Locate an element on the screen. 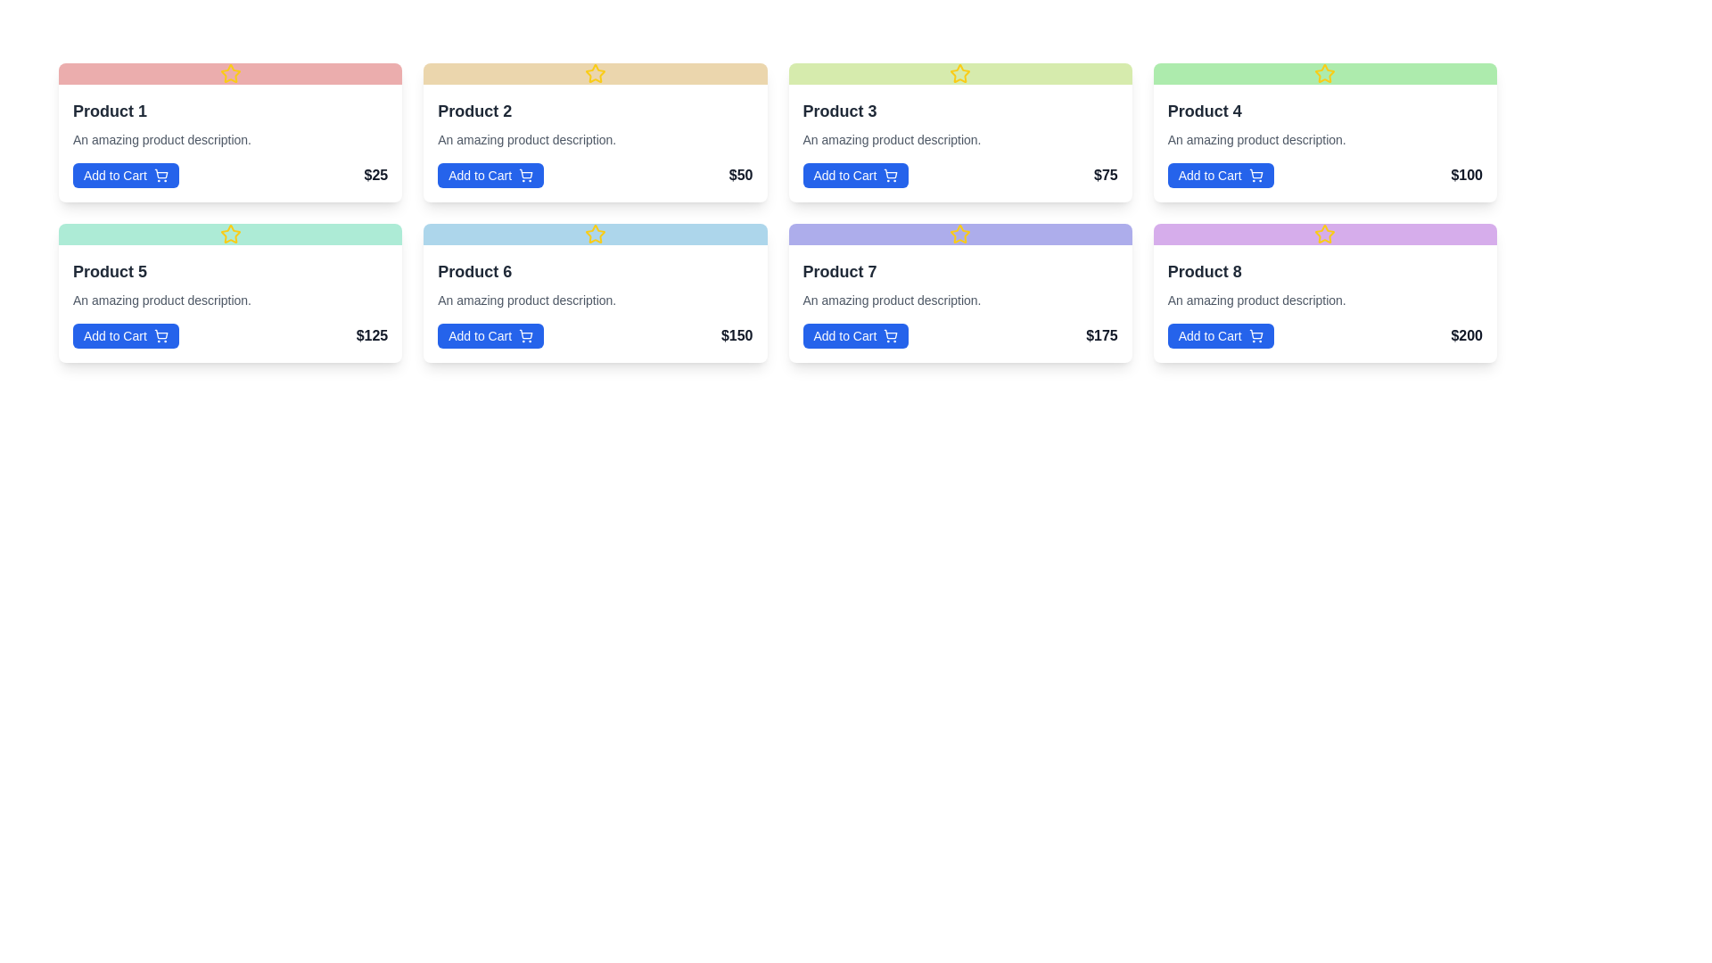 Image resolution: width=1712 pixels, height=963 pixels. the decorative shopping cart icon within the 'Add to Cart' button for 'Product 4', located in the bottom right corner of the product card is located at coordinates (1255, 174).